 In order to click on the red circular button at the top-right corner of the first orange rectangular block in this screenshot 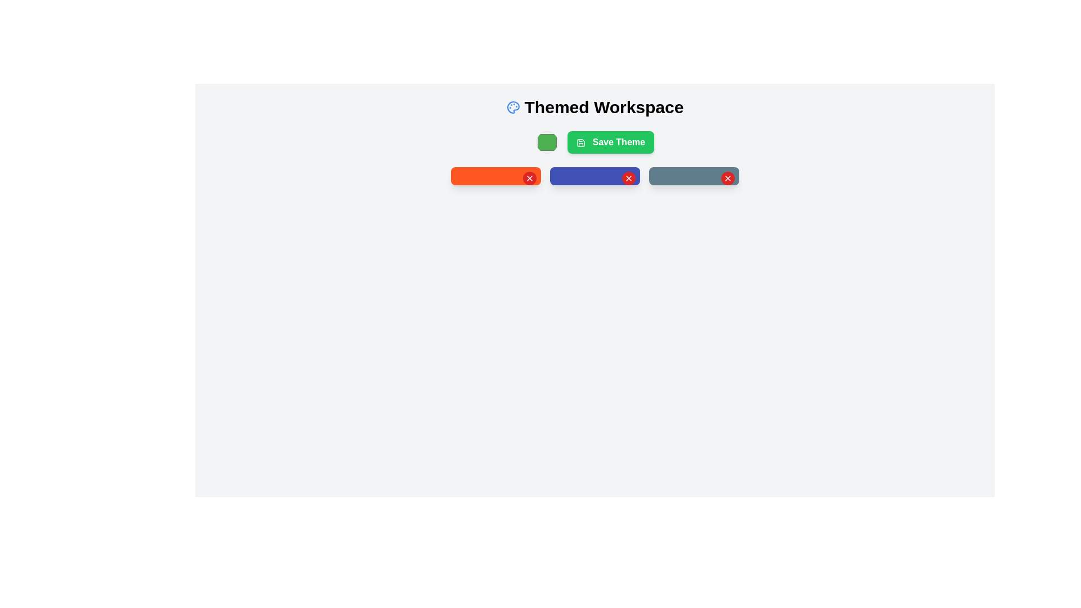, I will do `click(529, 177)`.